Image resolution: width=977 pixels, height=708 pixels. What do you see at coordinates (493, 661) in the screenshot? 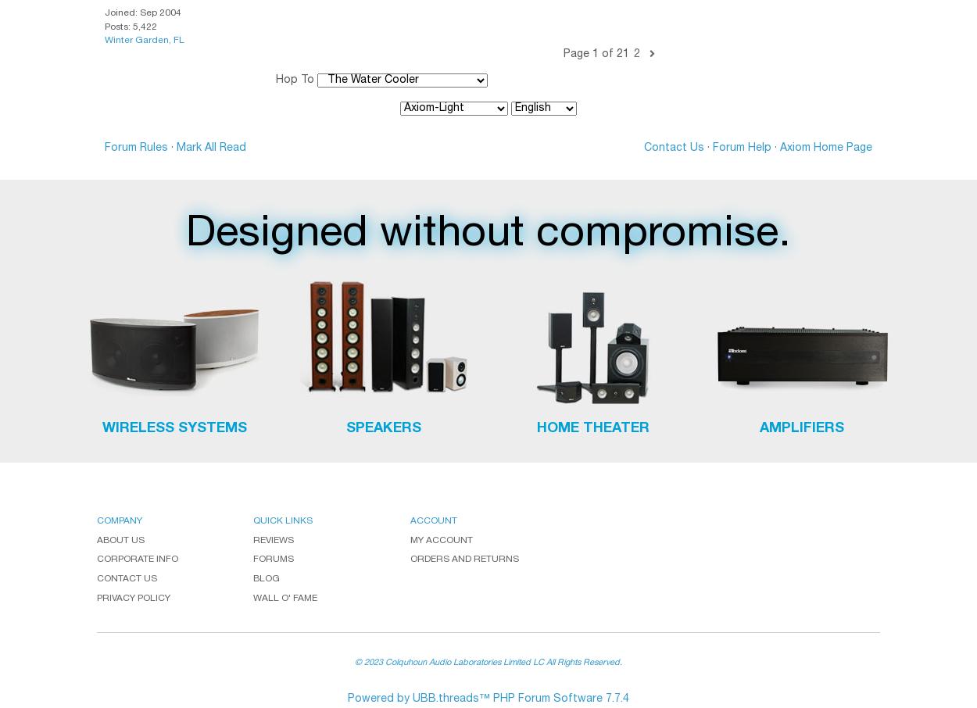
I see `'2023 Colquhoun Audio Laboratories Limited LC
All Rights Reserved.'` at bounding box center [493, 661].